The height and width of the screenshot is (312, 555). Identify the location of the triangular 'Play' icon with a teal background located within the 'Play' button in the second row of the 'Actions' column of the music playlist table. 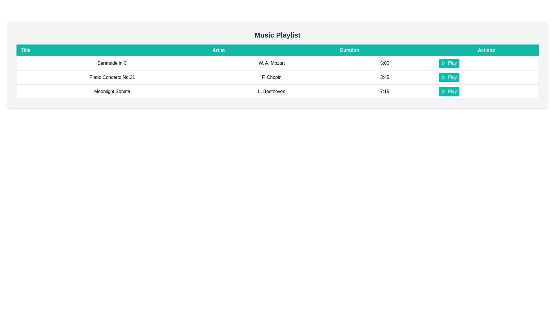
(443, 77).